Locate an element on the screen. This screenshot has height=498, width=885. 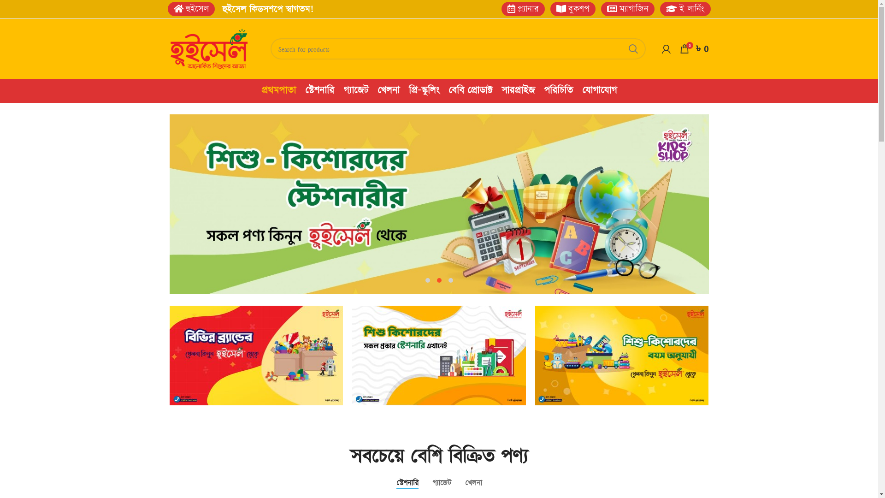
'banner2' is located at coordinates (438, 355).